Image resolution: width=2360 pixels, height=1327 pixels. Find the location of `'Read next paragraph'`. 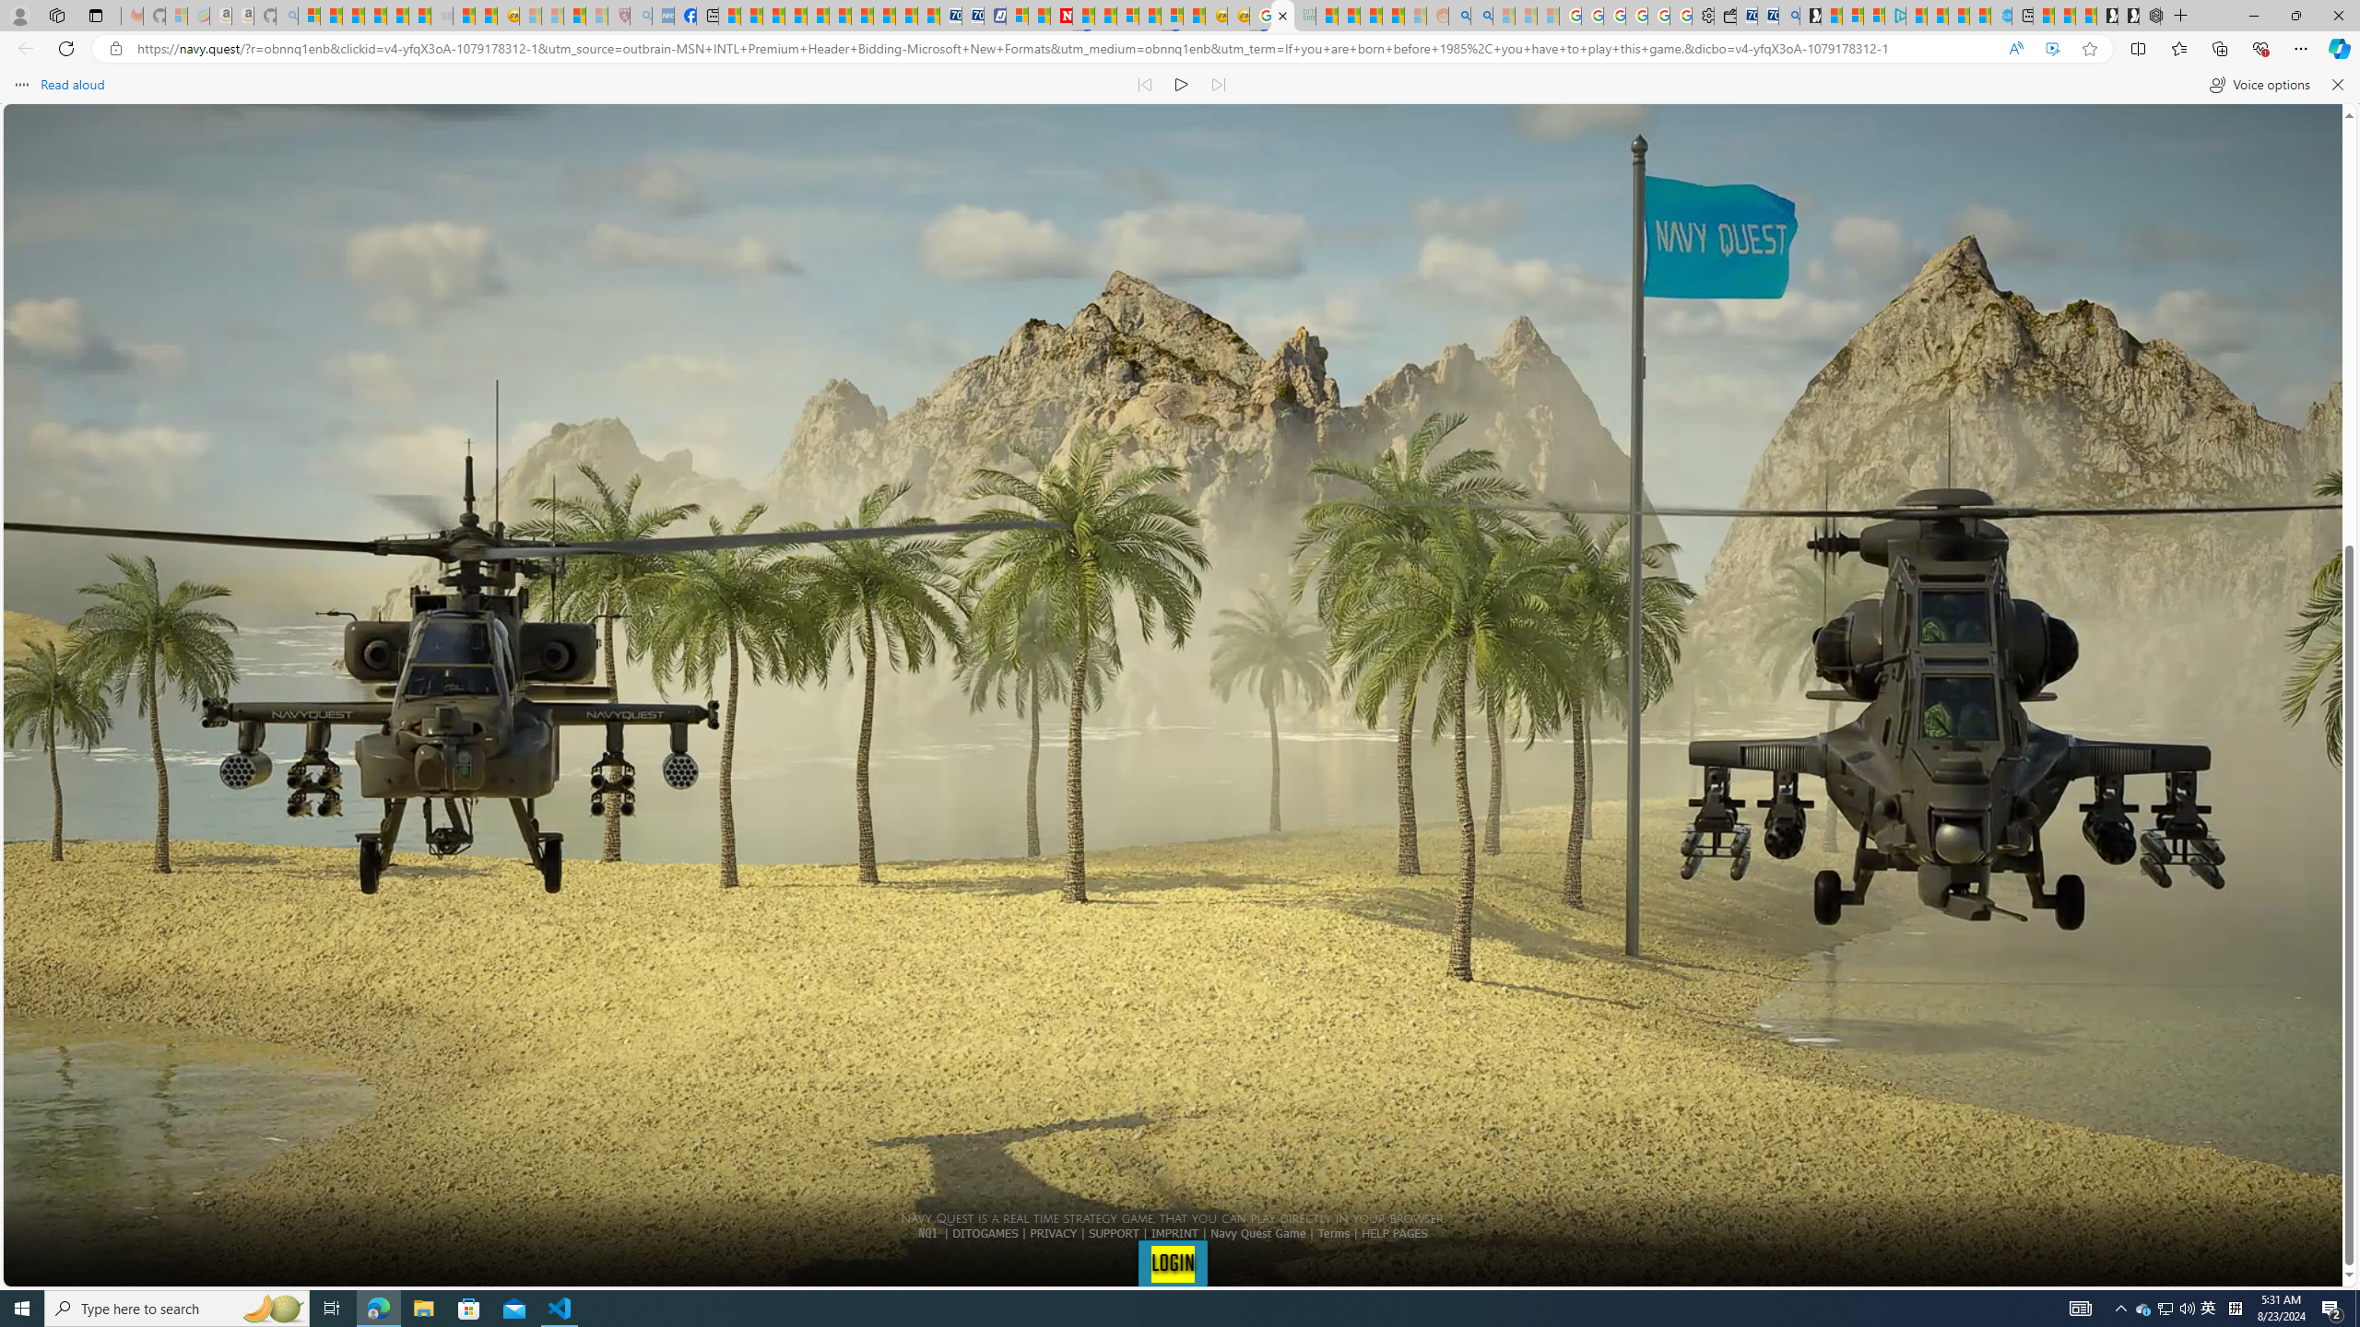

'Read next paragraph' is located at coordinates (1217, 84).